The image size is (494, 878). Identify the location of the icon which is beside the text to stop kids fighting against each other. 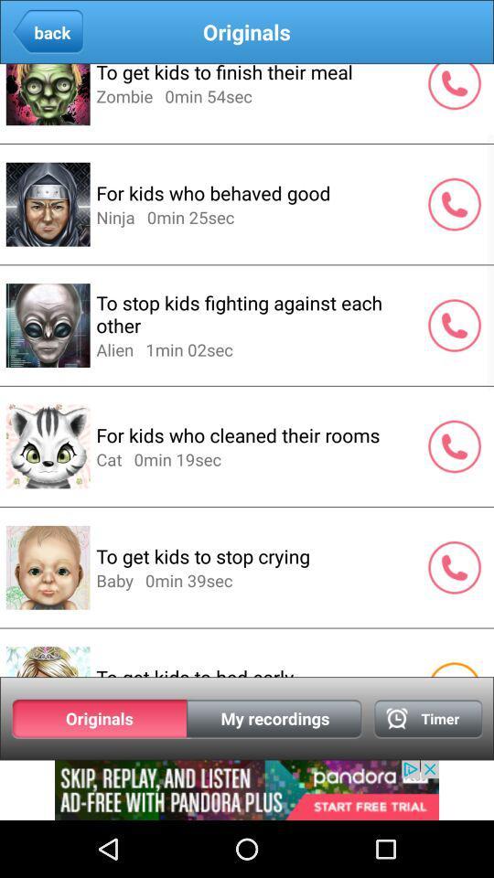
(454, 325).